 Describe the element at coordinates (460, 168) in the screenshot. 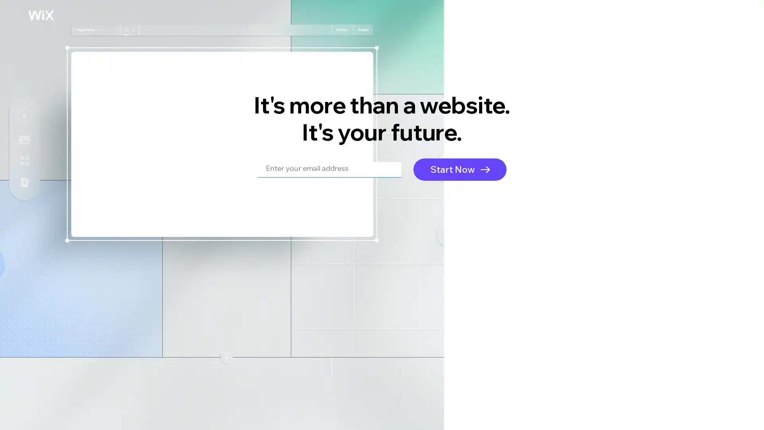

I see `Start Now` at that location.